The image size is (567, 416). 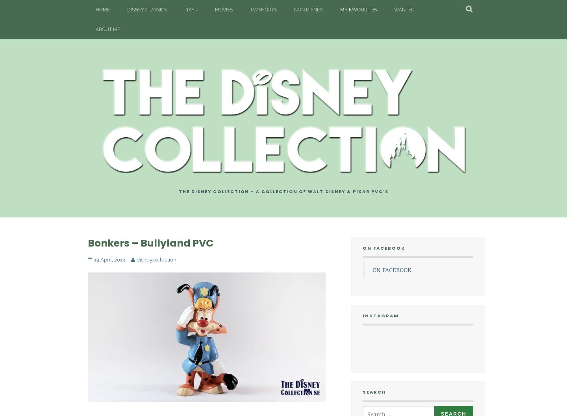 What do you see at coordinates (146, 9) in the screenshot?
I see `'Disney Classics'` at bounding box center [146, 9].